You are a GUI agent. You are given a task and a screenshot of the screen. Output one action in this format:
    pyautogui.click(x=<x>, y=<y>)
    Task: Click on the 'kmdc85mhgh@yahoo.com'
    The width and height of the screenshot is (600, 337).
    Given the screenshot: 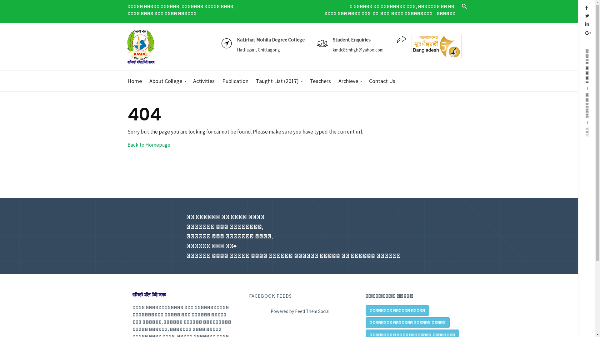 What is the action you would take?
    pyautogui.click(x=332, y=50)
    